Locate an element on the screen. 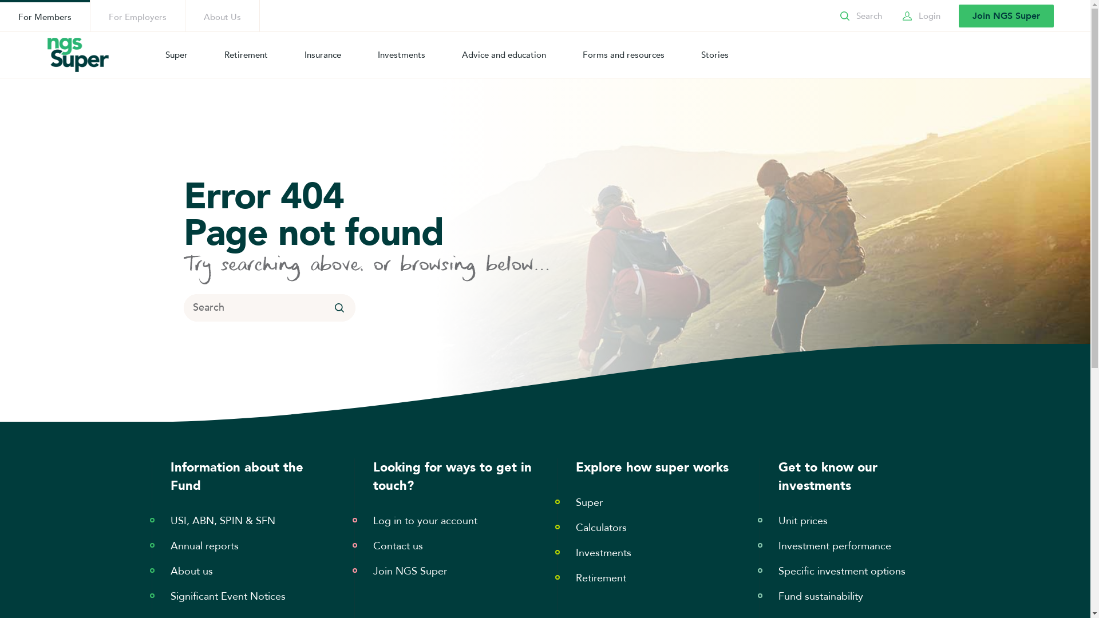  'Log in to your account' is located at coordinates (373, 521).